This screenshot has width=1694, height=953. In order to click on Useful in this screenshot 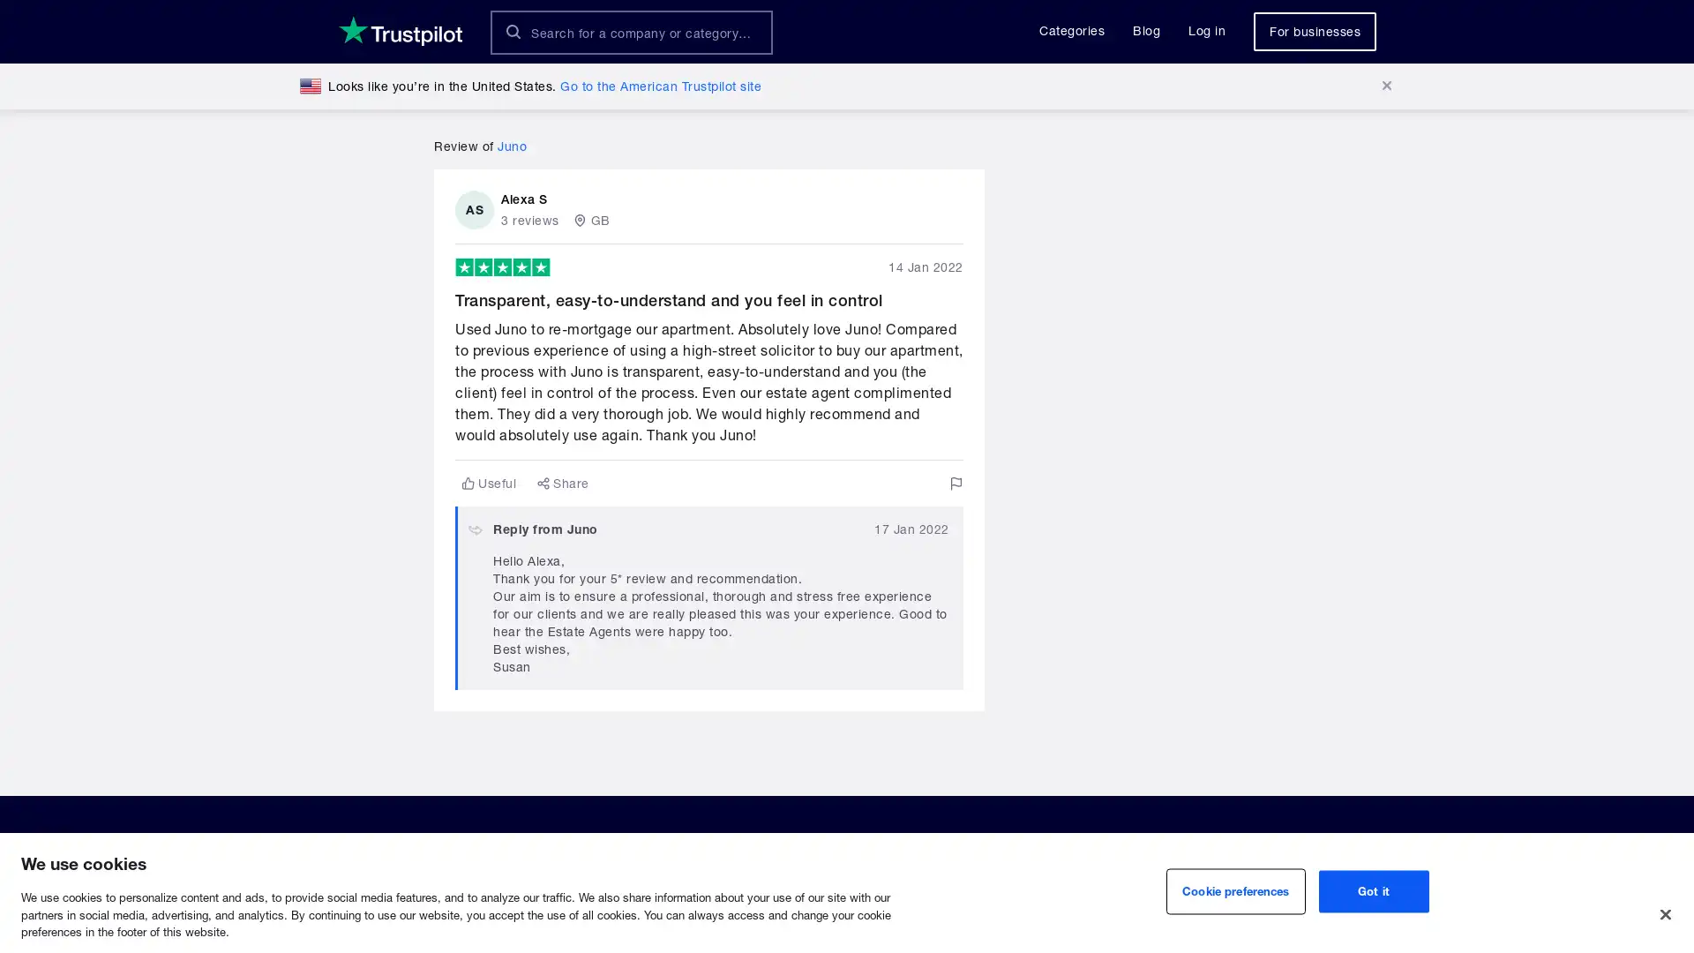, I will do `click(489, 483)`.